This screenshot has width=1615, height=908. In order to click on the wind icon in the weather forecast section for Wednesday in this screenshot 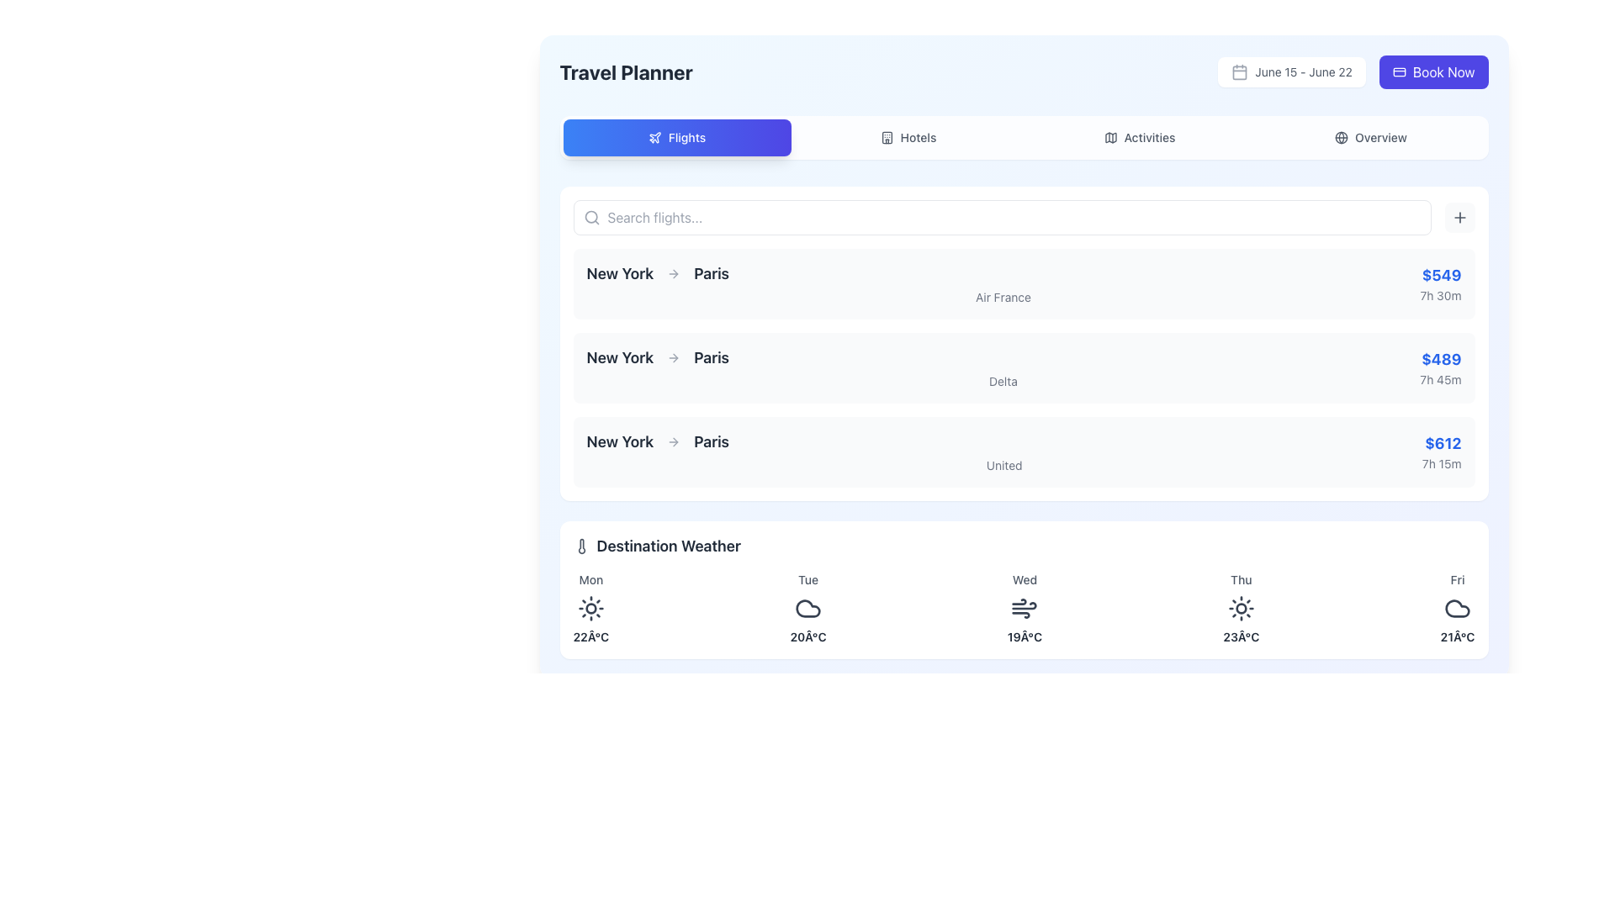, I will do `click(1024, 609)`.